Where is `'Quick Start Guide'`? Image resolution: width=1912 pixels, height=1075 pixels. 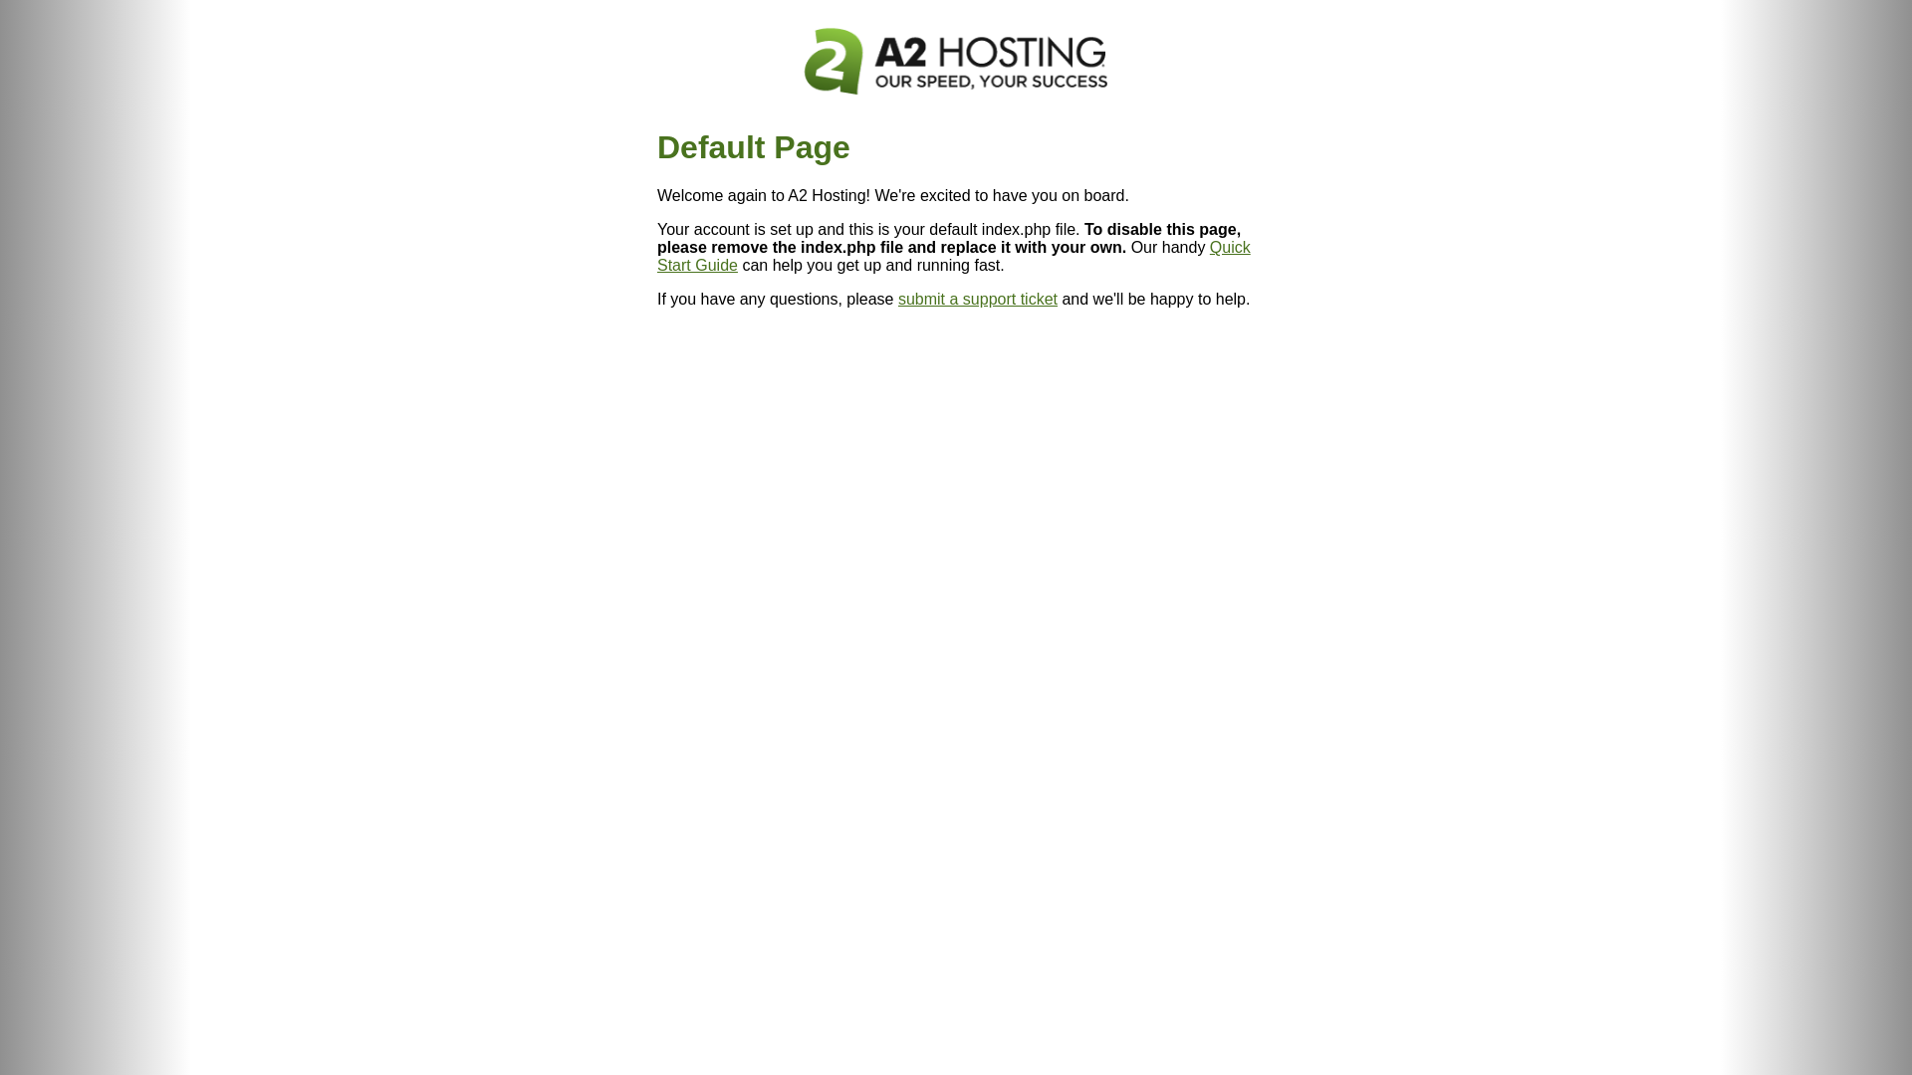
'Quick Start Guide' is located at coordinates (953, 255).